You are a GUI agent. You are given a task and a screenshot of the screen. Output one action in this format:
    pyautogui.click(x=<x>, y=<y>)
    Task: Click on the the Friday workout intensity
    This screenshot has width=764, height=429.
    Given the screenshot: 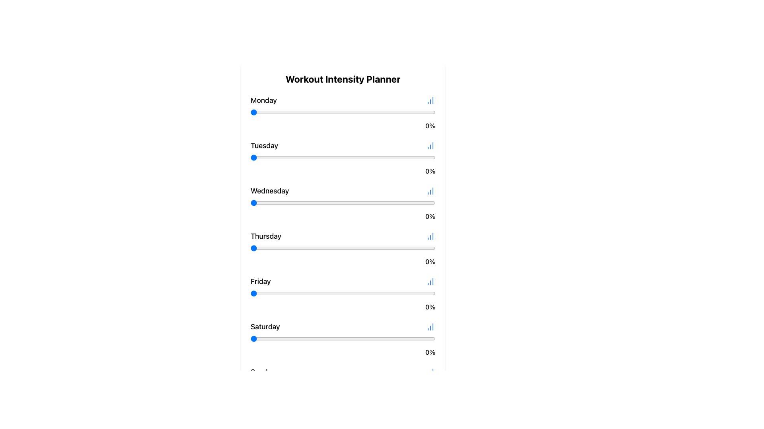 What is the action you would take?
    pyautogui.click(x=368, y=294)
    